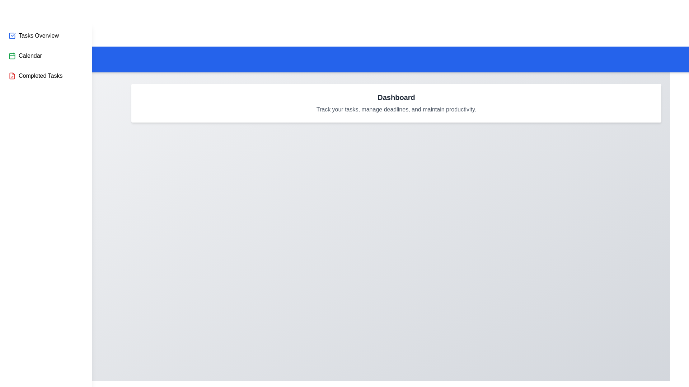 Image resolution: width=689 pixels, height=387 pixels. Describe the element at coordinates (12, 36) in the screenshot. I see `the active indicator icon for the 'Tasks Overview' menu item` at that location.